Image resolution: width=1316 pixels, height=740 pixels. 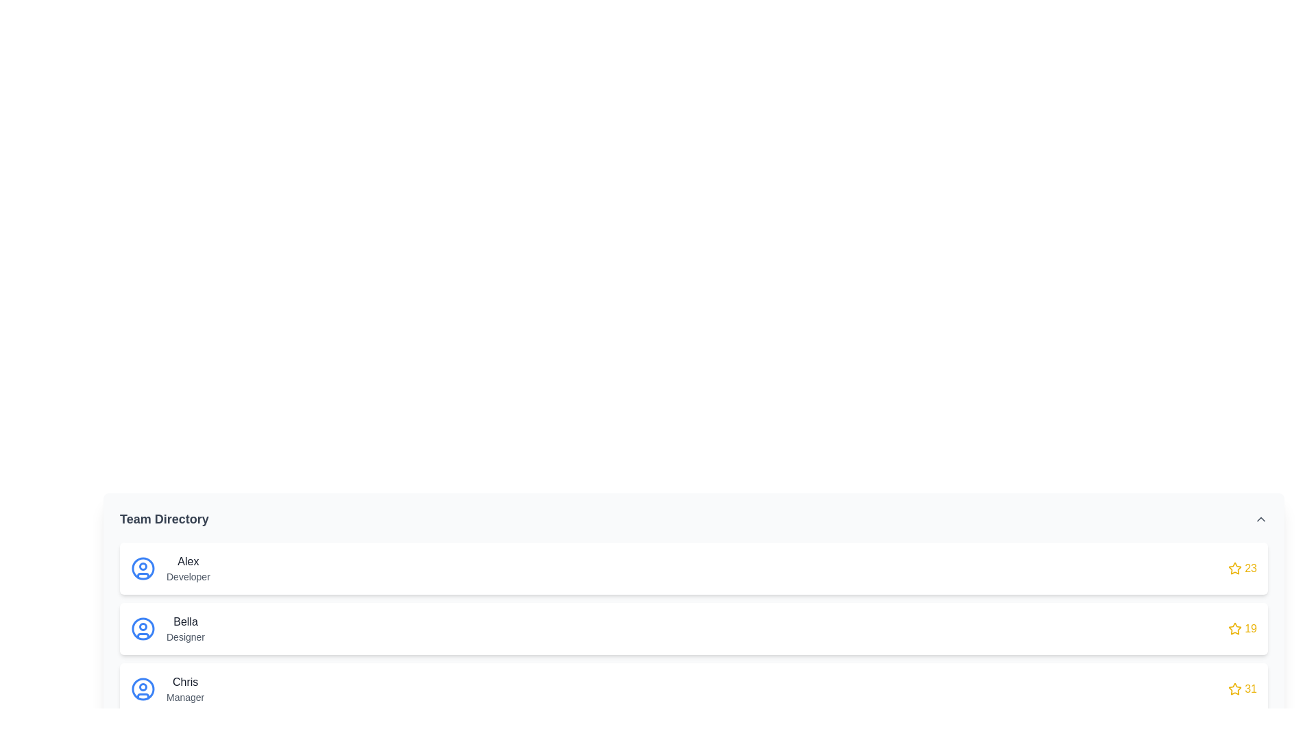 I want to click on static text label that indicates the designation of the individual associated with the name 'Bella', which is located directly below 'Bella' in the second card of the vertical list in the team directory, so click(x=185, y=637).